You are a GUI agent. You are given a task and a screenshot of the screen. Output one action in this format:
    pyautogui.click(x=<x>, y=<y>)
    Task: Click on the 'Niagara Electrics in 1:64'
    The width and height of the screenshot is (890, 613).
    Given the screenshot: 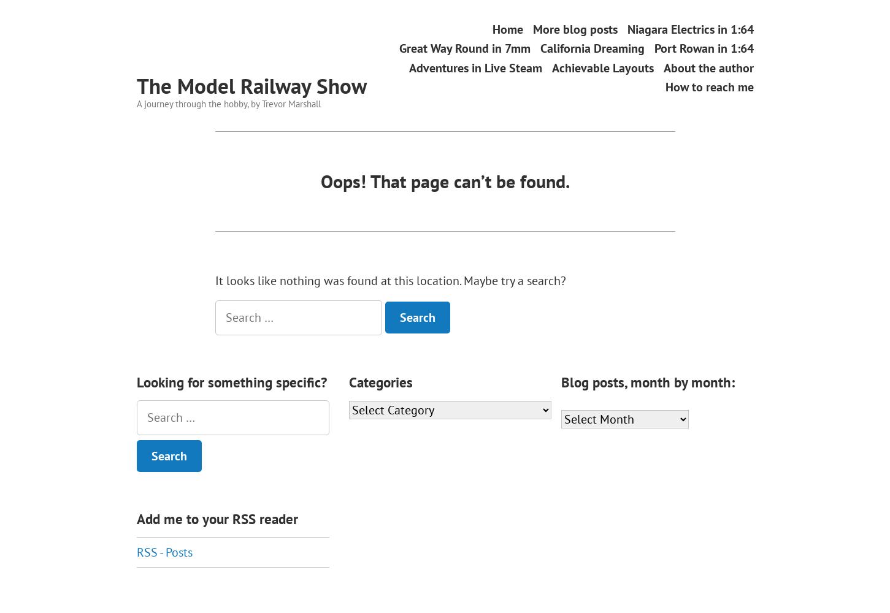 What is the action you would take?
    pyautogui.click(x=626, y=29)
    